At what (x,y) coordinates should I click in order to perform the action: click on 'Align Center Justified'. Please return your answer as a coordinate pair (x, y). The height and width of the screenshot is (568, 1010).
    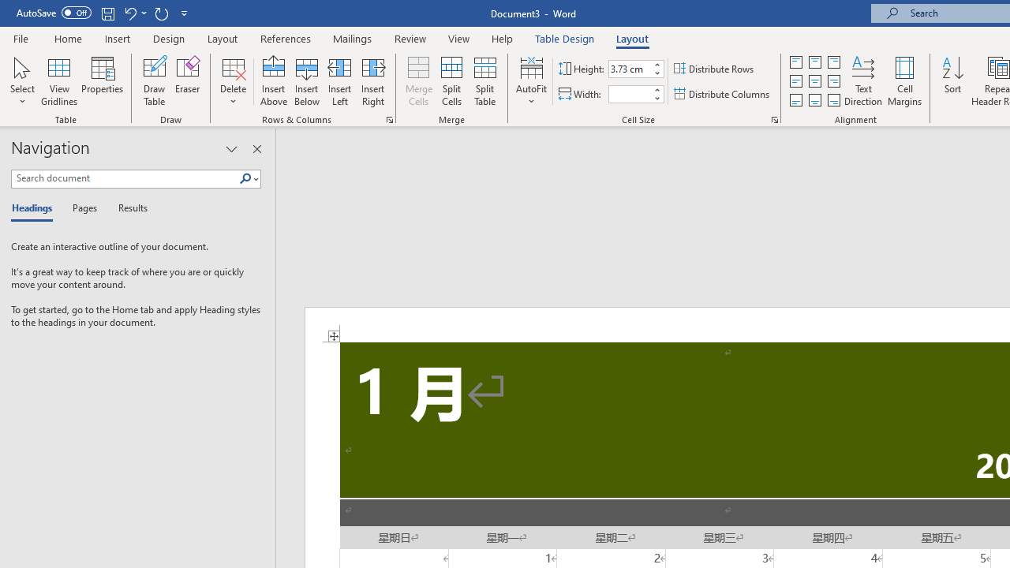
    Looking at the image, I should click on (796, 81).